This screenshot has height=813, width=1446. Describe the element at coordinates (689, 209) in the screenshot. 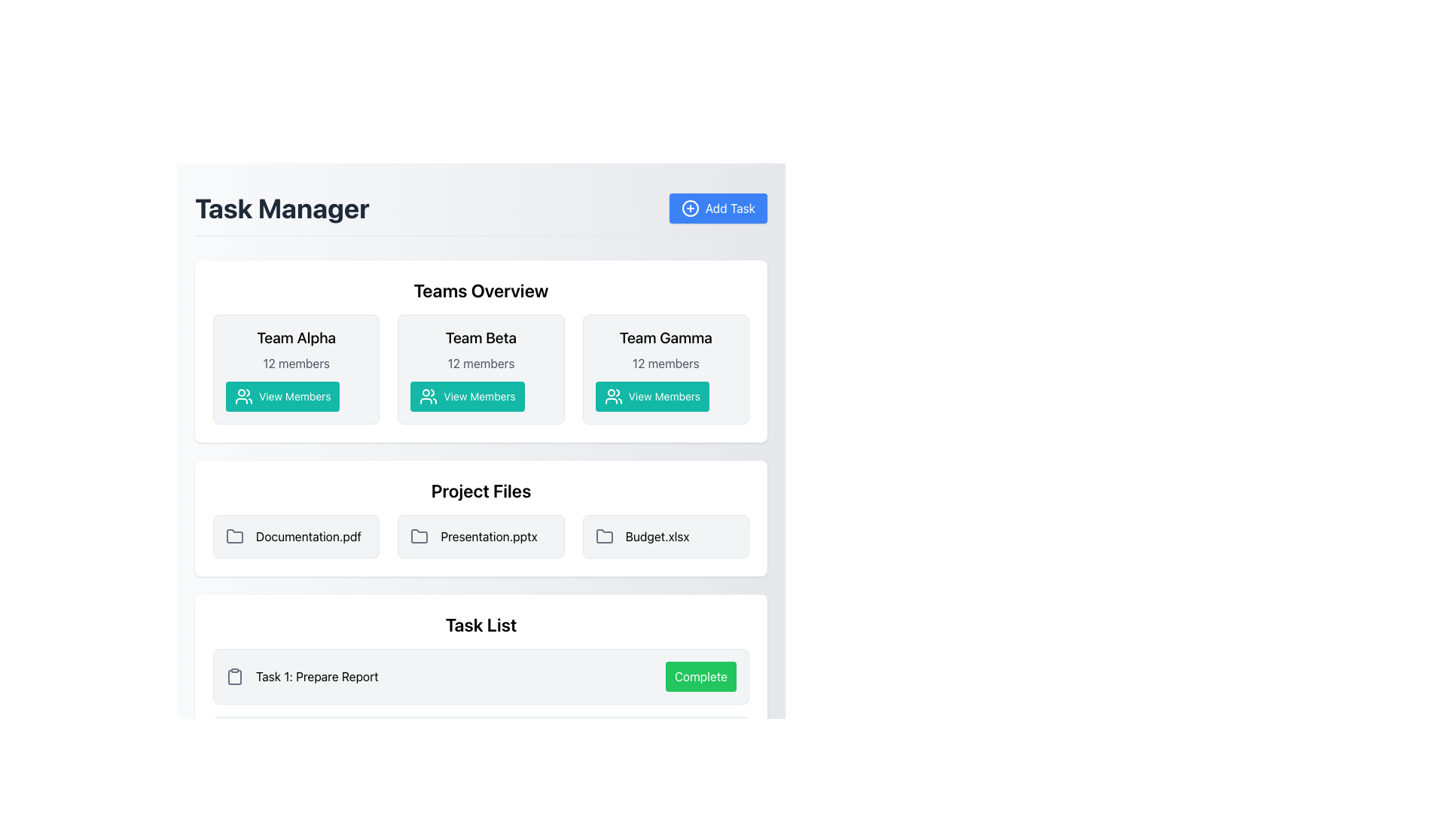

I see `the decorative icon located to the left of the 'Add Task' button in the top-right corner of the interface, indirectly triggering the button's functionality` at that location.